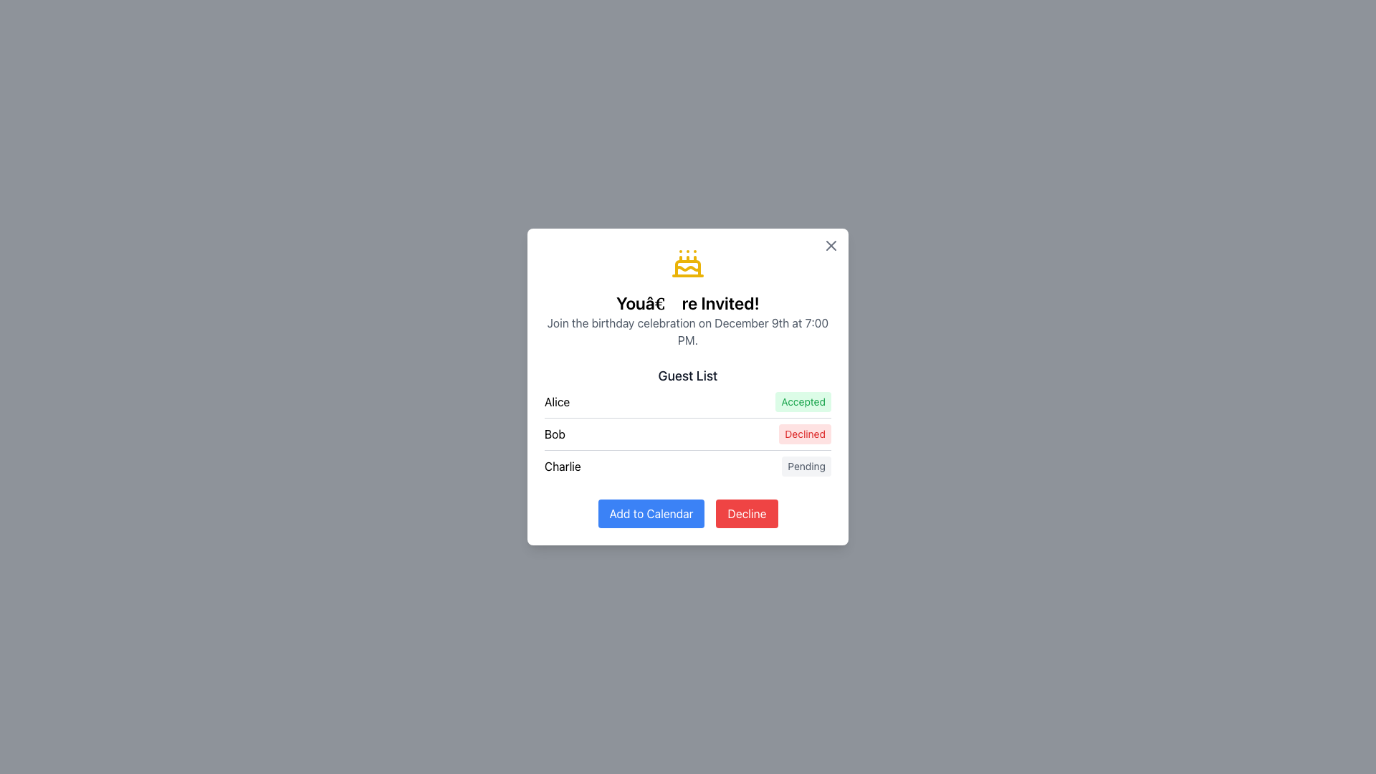 Image resolution: width=1376 pixels, height=774 pixels. Describe the element at coordinates (556, 401) in the screenshot. I see `text of the label representing the name 'Alice' in the Guest List, which is the first item in the vertical list and positioned to the far left of its row` at that location.